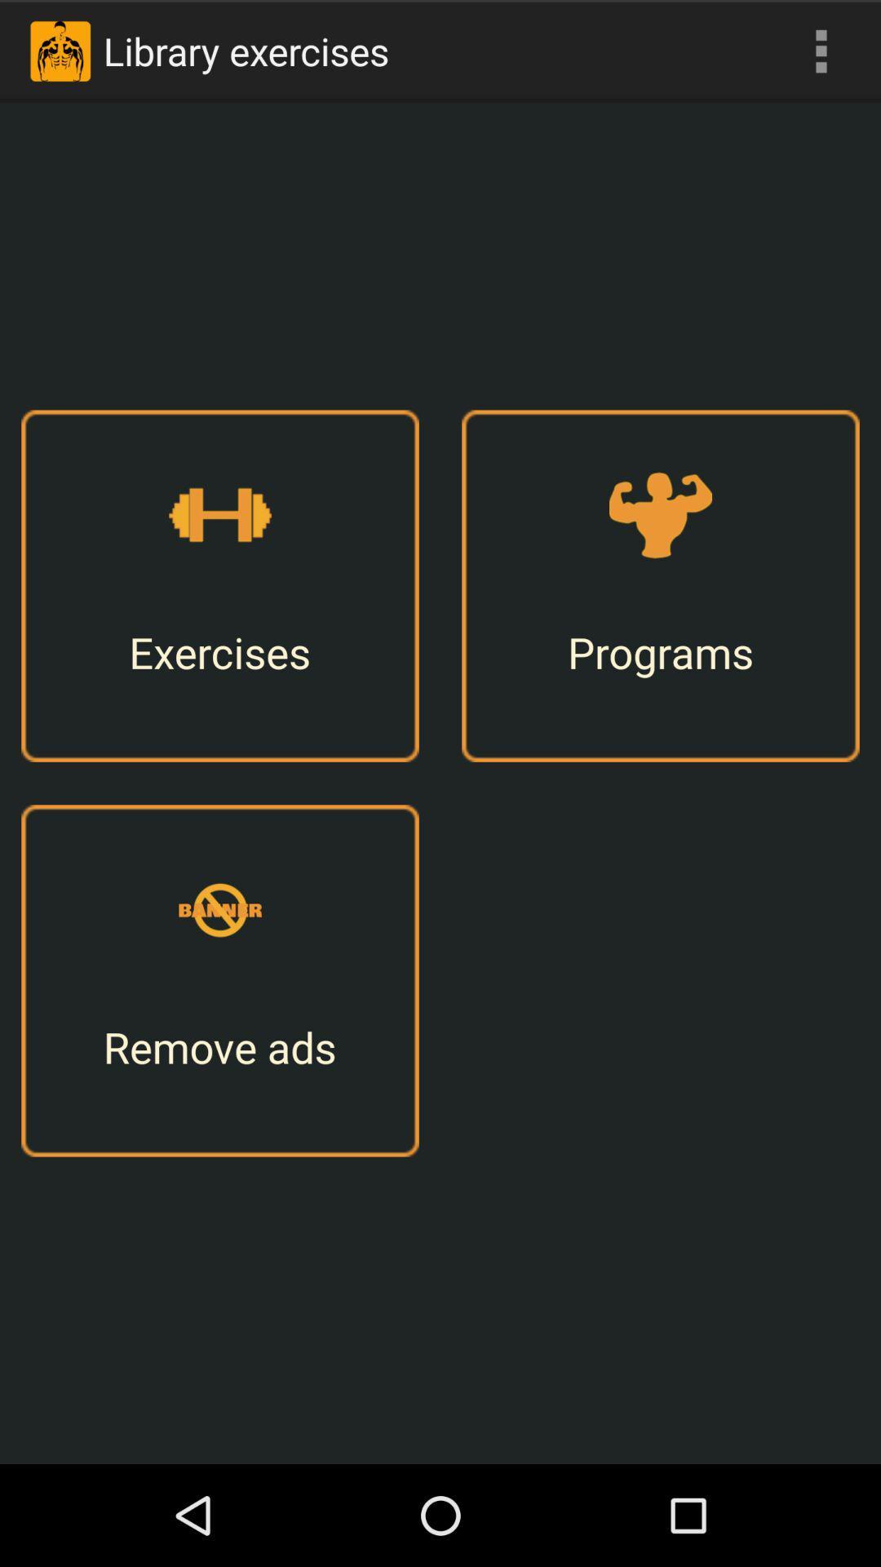 The width and height of the screenshot is (881, 1567). I want to click on the item above programs icon, so click(821, 51).